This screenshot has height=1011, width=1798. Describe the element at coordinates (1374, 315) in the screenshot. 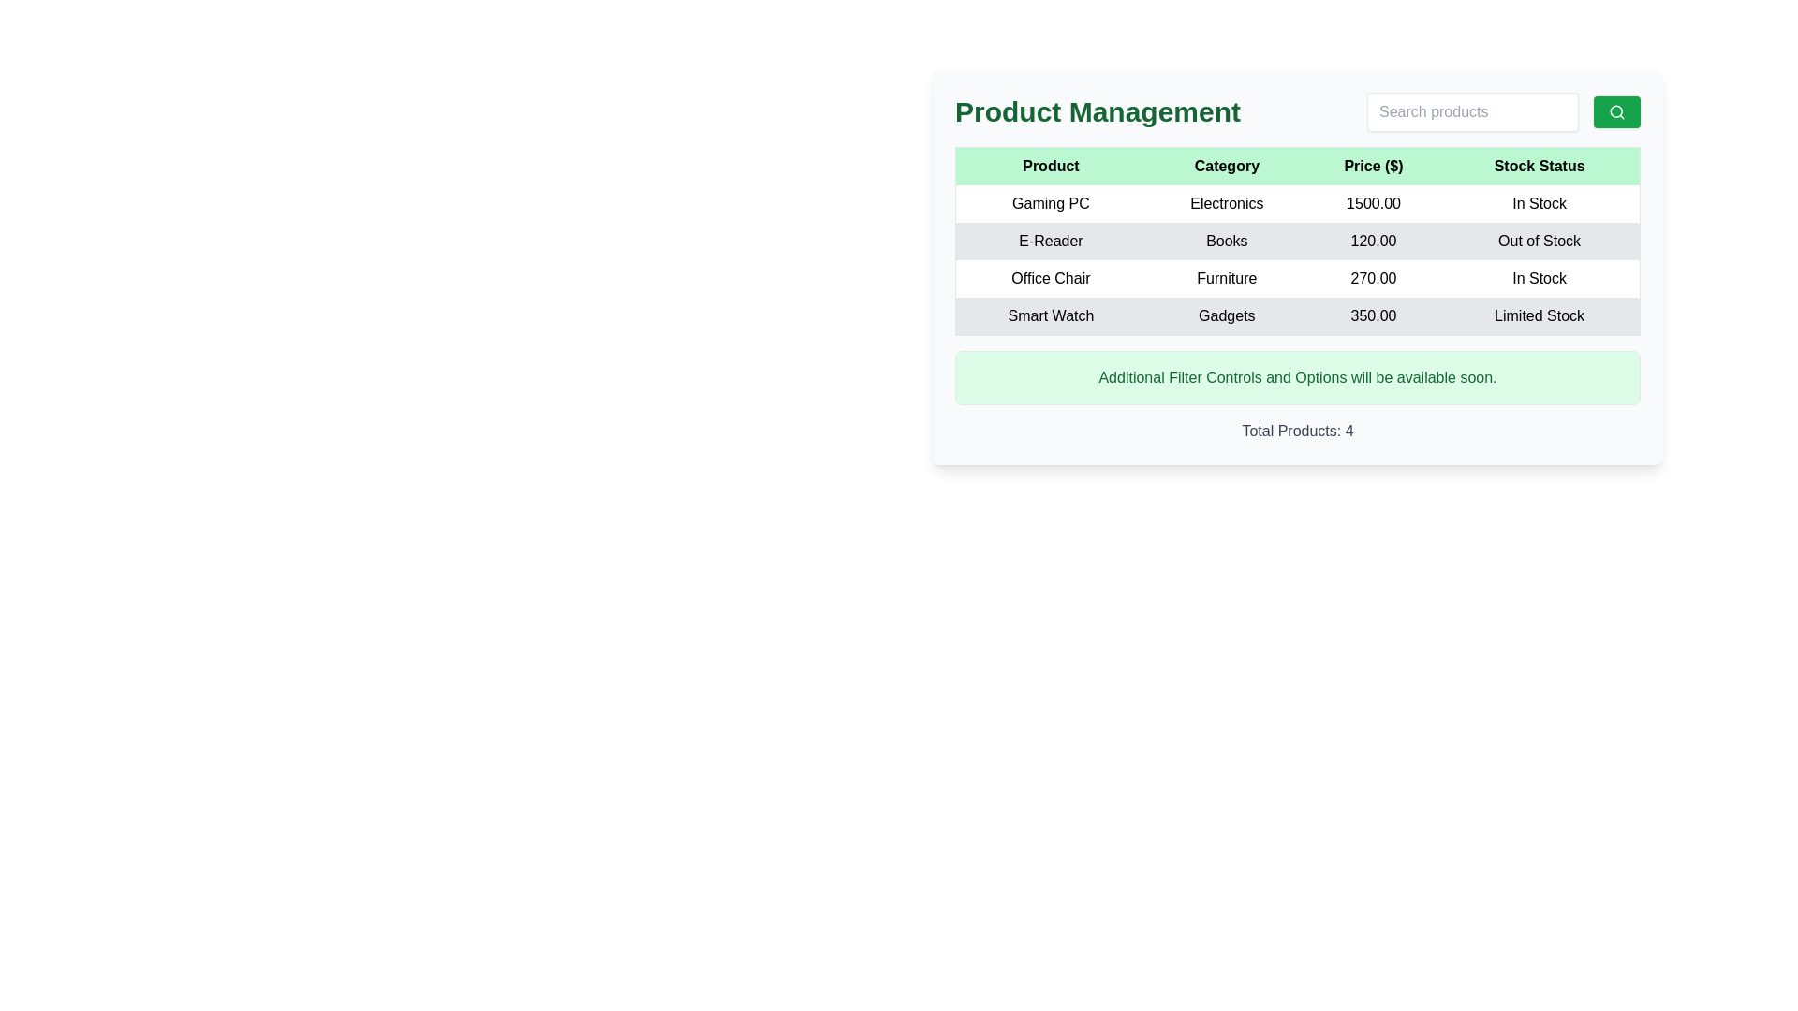

I see `the Text Label displaying the price '$350.00' in the 'Price ($)' column of the product table for the 'Smart Watch' row` at that location.